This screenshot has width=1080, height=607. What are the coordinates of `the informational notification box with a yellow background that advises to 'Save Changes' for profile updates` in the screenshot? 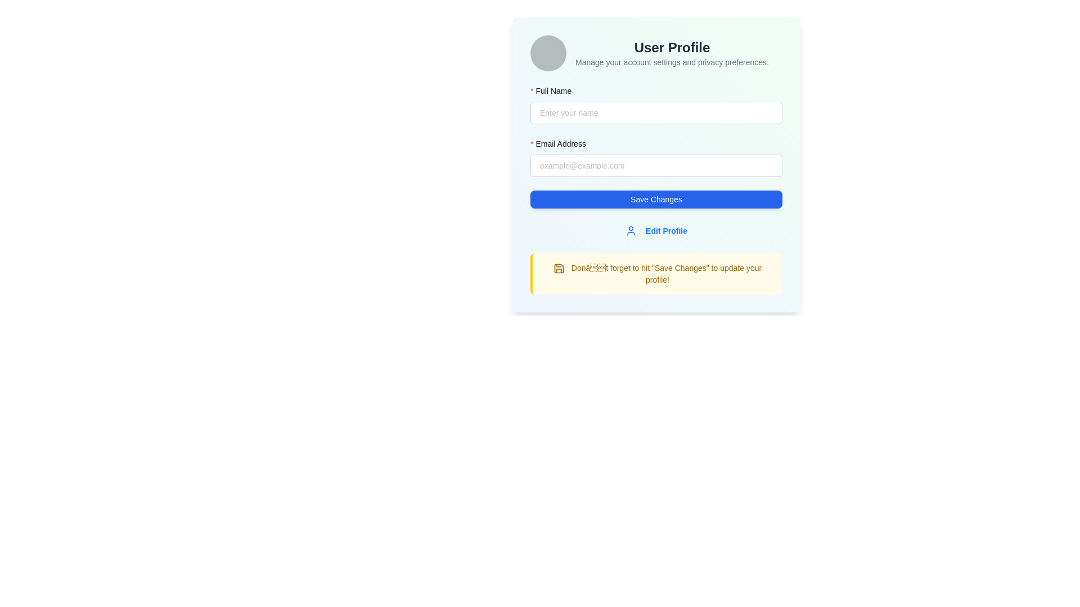 It's located at (656, 273).